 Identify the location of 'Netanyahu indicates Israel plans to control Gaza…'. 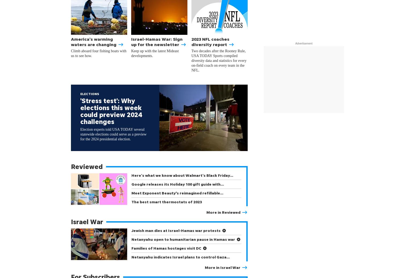
(180, 257).